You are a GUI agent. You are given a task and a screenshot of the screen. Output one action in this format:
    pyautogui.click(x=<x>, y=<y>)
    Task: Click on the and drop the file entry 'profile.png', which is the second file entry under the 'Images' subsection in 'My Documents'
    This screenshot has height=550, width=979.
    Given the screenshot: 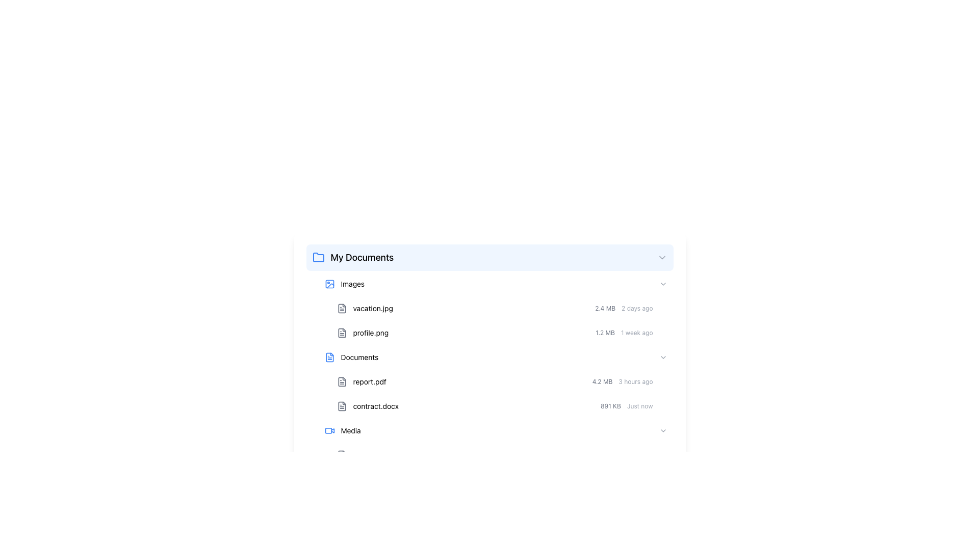 What is the action you would take?
    pyautogui.click(x=363, y=333)
    